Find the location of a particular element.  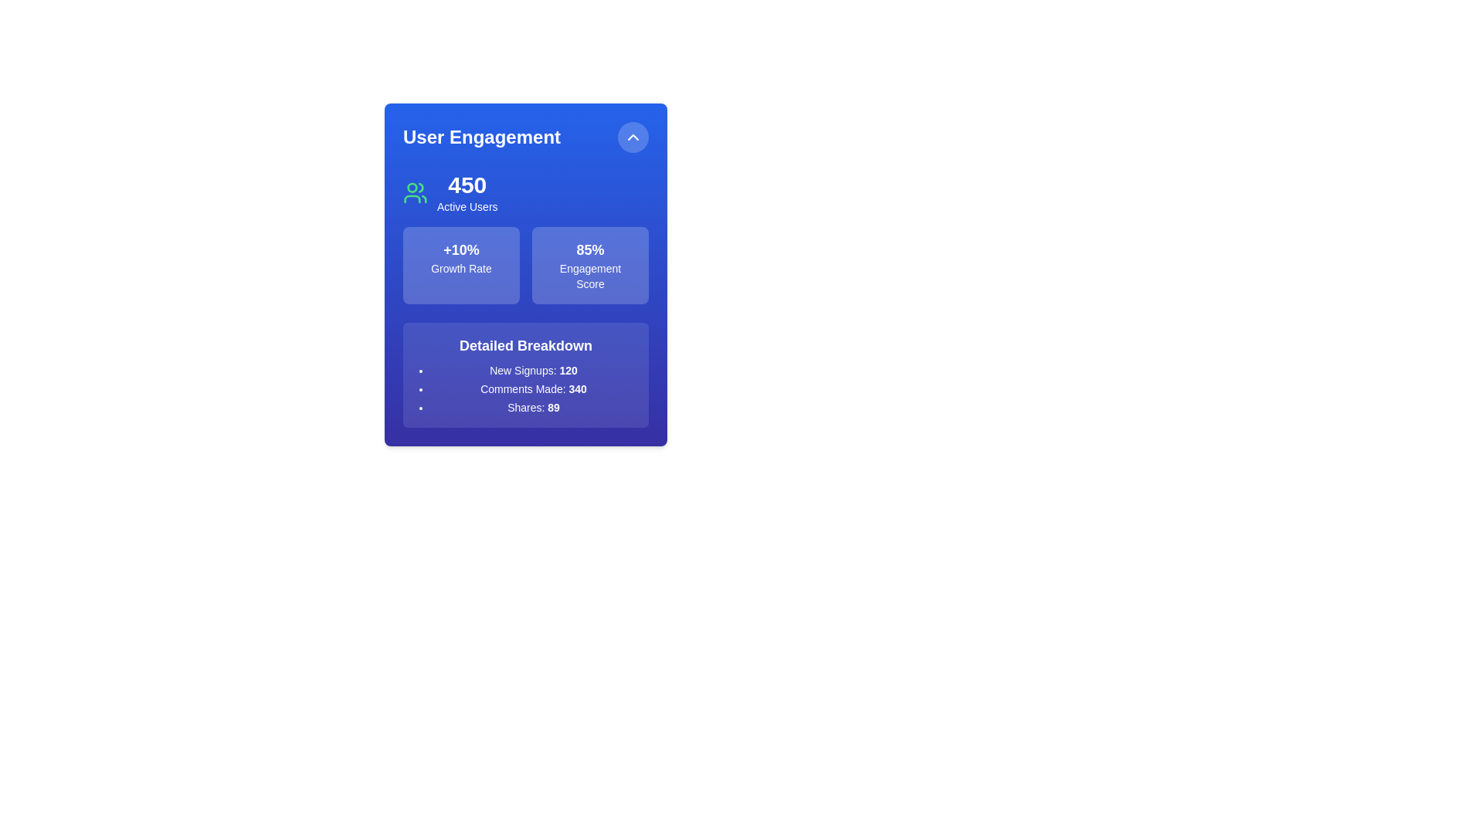

the 'User Engagement' header text to focus the panel for further interaction is located at coordinates (526, 136).